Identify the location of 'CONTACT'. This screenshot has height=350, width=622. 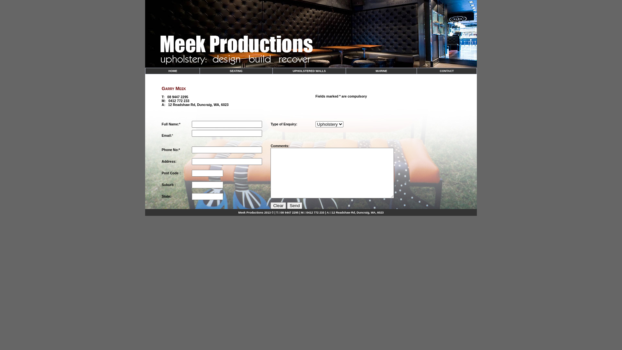
(440, 71).